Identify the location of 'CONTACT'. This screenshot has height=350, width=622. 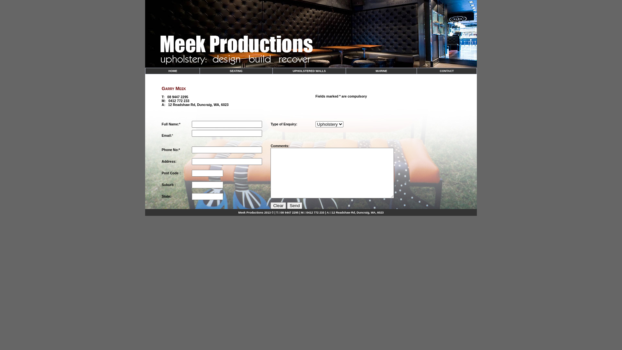
(440, 71).